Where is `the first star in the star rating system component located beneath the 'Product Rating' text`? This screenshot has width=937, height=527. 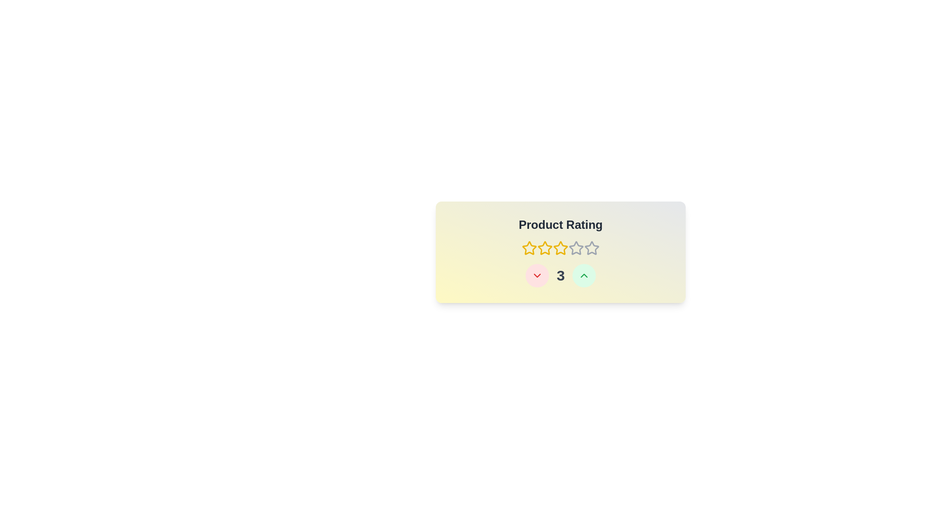 the first star in the star rating system component located beneath the 'Product Rating' text is located at coordinates (529, 247).